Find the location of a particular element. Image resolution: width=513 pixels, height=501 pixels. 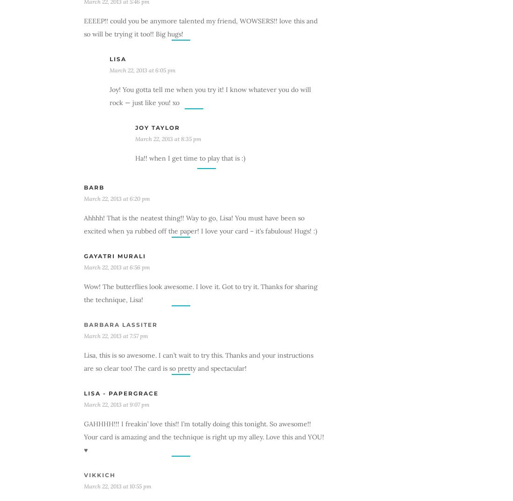

'Lisa - papergrace' is located at coordinates (121, 392).